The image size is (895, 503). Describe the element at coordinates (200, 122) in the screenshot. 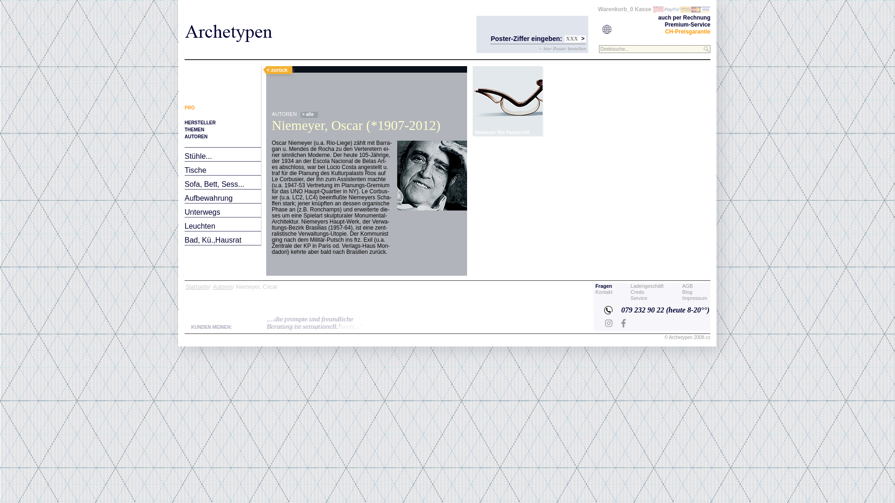

I see `'HERSTELLER'` at that location.